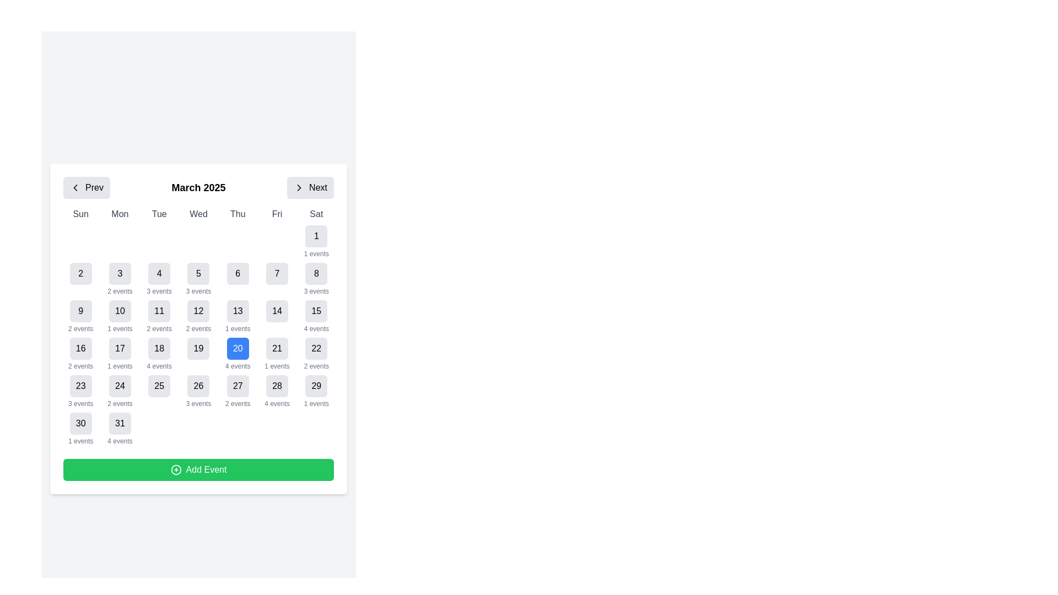 The height and width of the screenshot is (595, 1058). I want to click on the calendar button representing the third day of the month, so click(120, 273).